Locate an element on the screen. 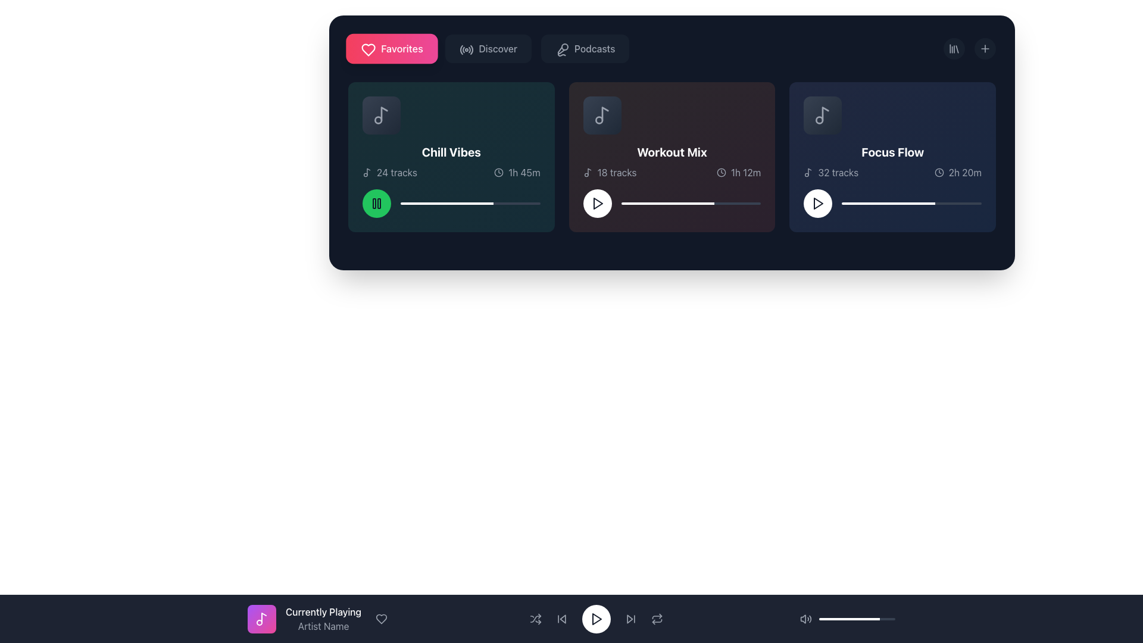  the Text label that serves as the title or name of a playlist or music category, located at the top-center of the first card in a horizontal row is located at coordinates (451, 151).